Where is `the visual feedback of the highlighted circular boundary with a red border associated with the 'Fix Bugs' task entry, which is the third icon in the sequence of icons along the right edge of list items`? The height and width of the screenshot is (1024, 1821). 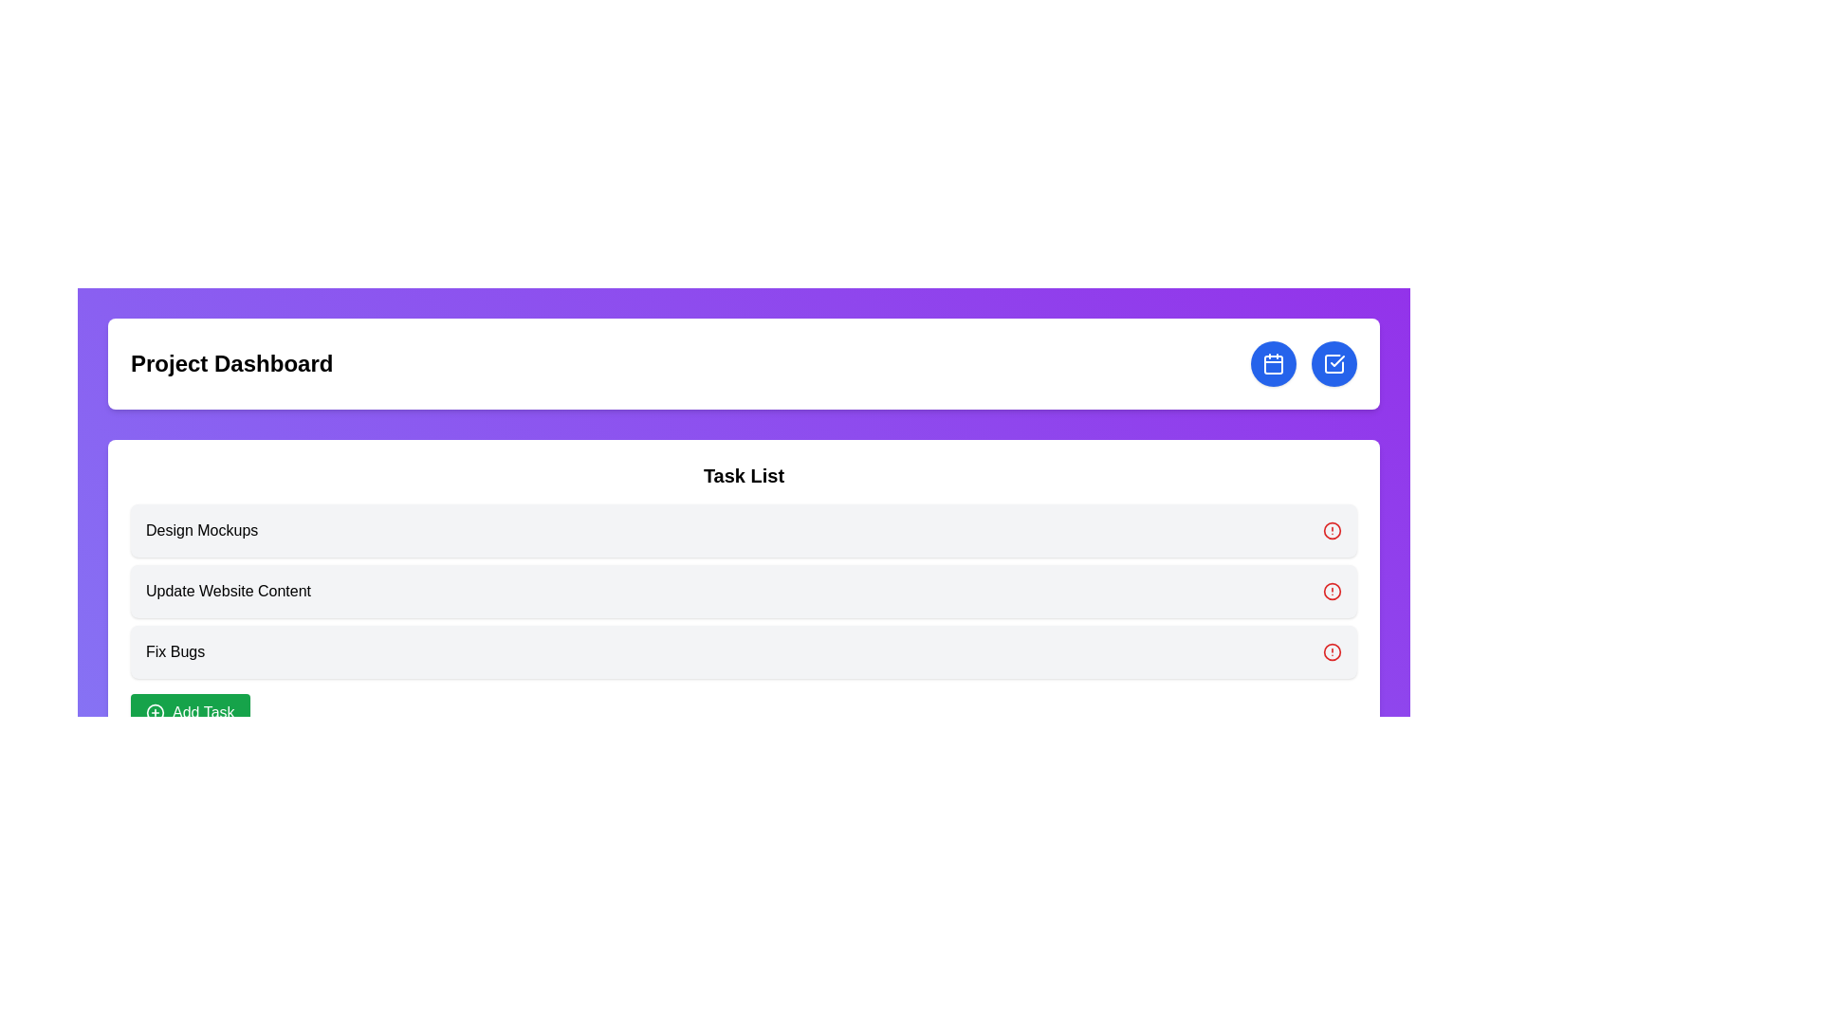 the visual feedback of the highlighted circular boundary with a red border associated with the 'Fix Bugs' task entry, which is the third icon in the sequence of icons along the right edge of list items is located at coordinates (1332, 650).